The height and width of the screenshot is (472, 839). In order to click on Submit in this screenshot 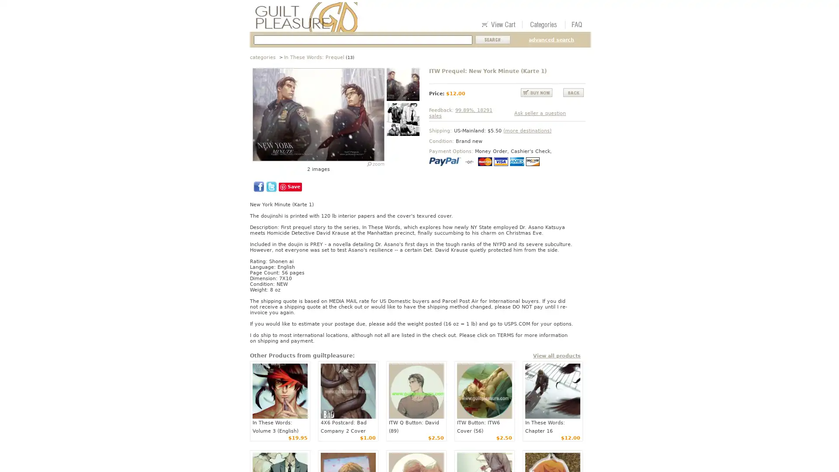, I will do `click(493, 40)`.